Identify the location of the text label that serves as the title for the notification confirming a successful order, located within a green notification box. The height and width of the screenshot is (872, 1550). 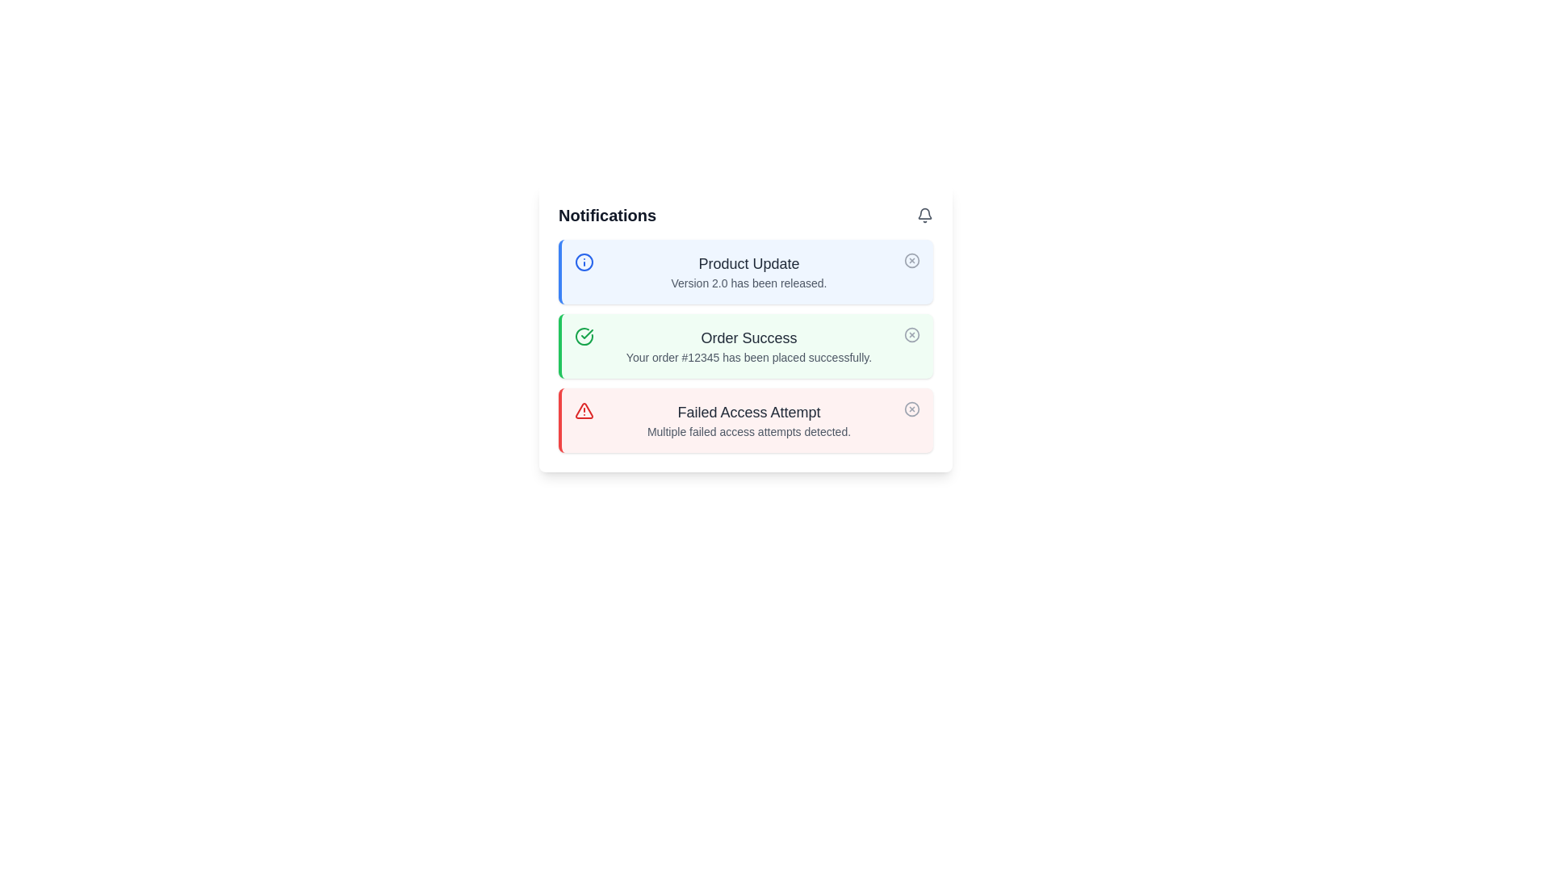
(748, 337).